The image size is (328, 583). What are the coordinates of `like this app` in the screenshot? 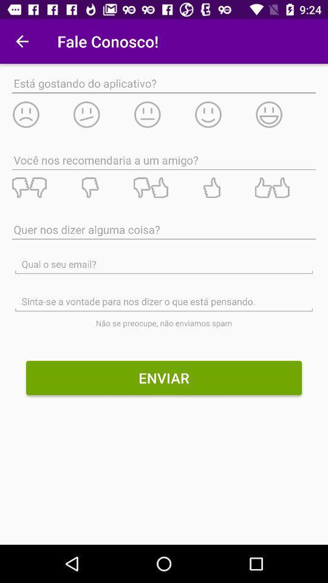 It's located at (285, 114).